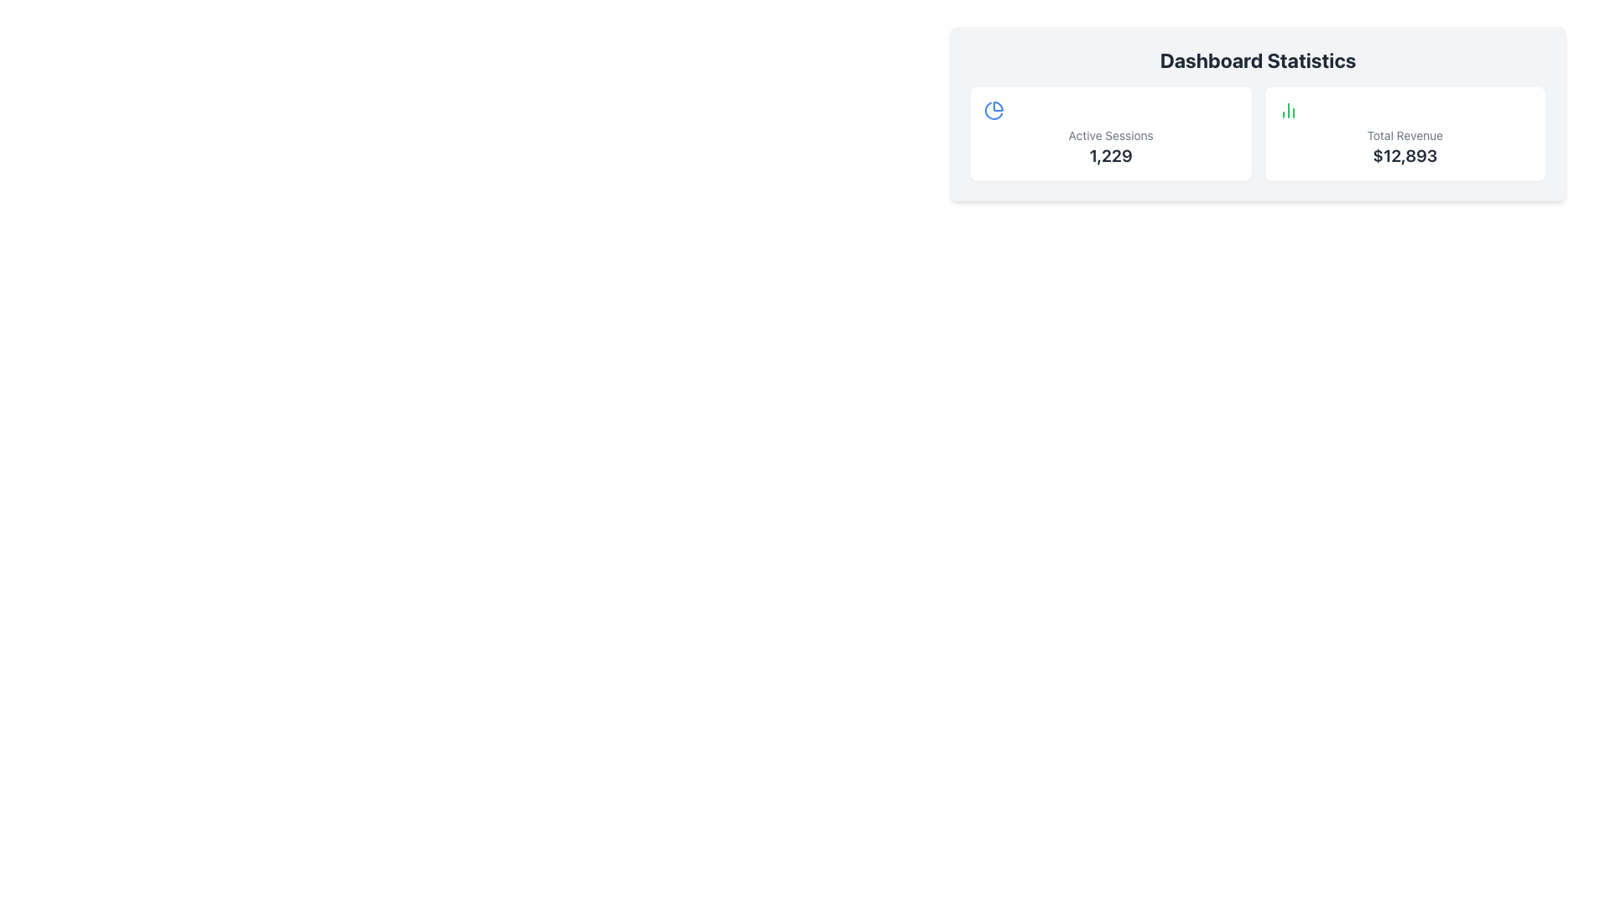  I want to click on content displayed in the text element showing the total revenue value, which is located in the 'Total Revenue' card within the 'Dashboard Statistics' section, so click(1405, 155).